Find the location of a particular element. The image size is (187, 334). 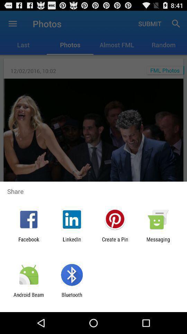

app next to create a pin is located at coordinates (71, 242).